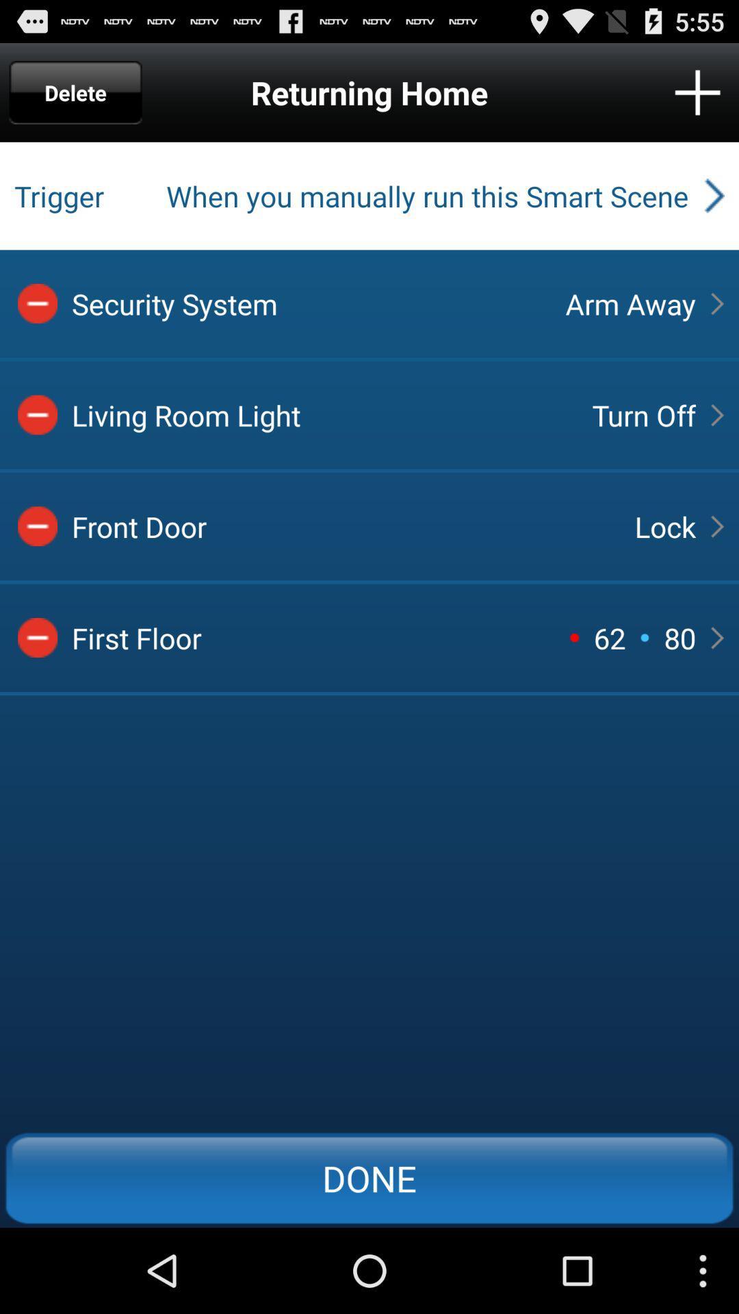  Describe the element at coordinates (664, 526) in the screenshot. I see `the item to the right of the 62 item` at that location.